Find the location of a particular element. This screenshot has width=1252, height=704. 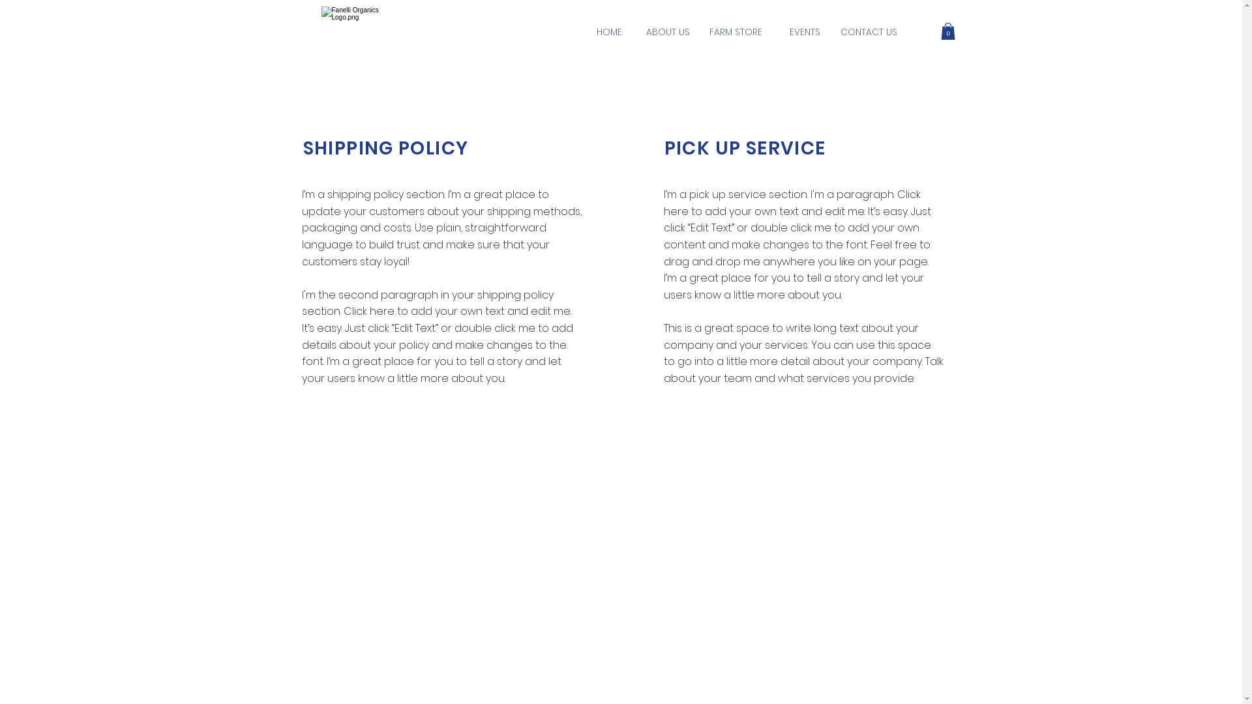

'EVENTS' is located at coordinates (803, 32).